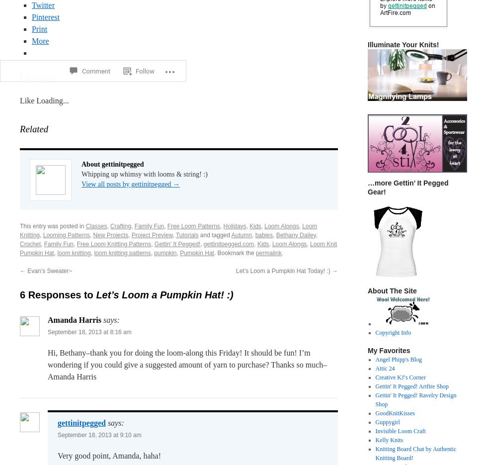 Image resolution: width=487 pixels, height=465 pixels. I want to click on 'Angel Phipp's Blog', so click(399, 359).